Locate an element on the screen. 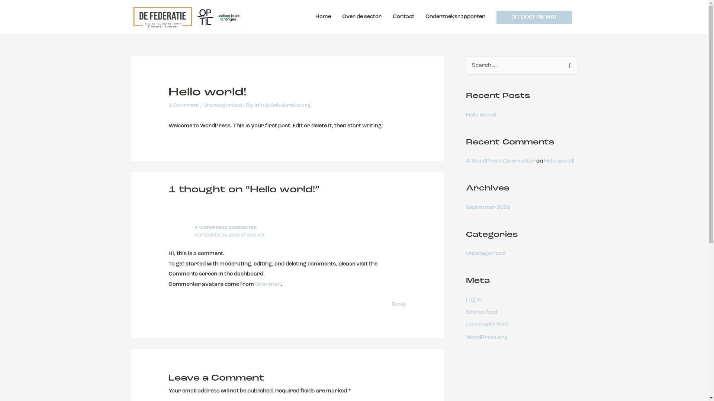 Image resolution: width=714 pixels, height=401 pixels. 'info@defederatie.org' is located at coordinates (282, 105).